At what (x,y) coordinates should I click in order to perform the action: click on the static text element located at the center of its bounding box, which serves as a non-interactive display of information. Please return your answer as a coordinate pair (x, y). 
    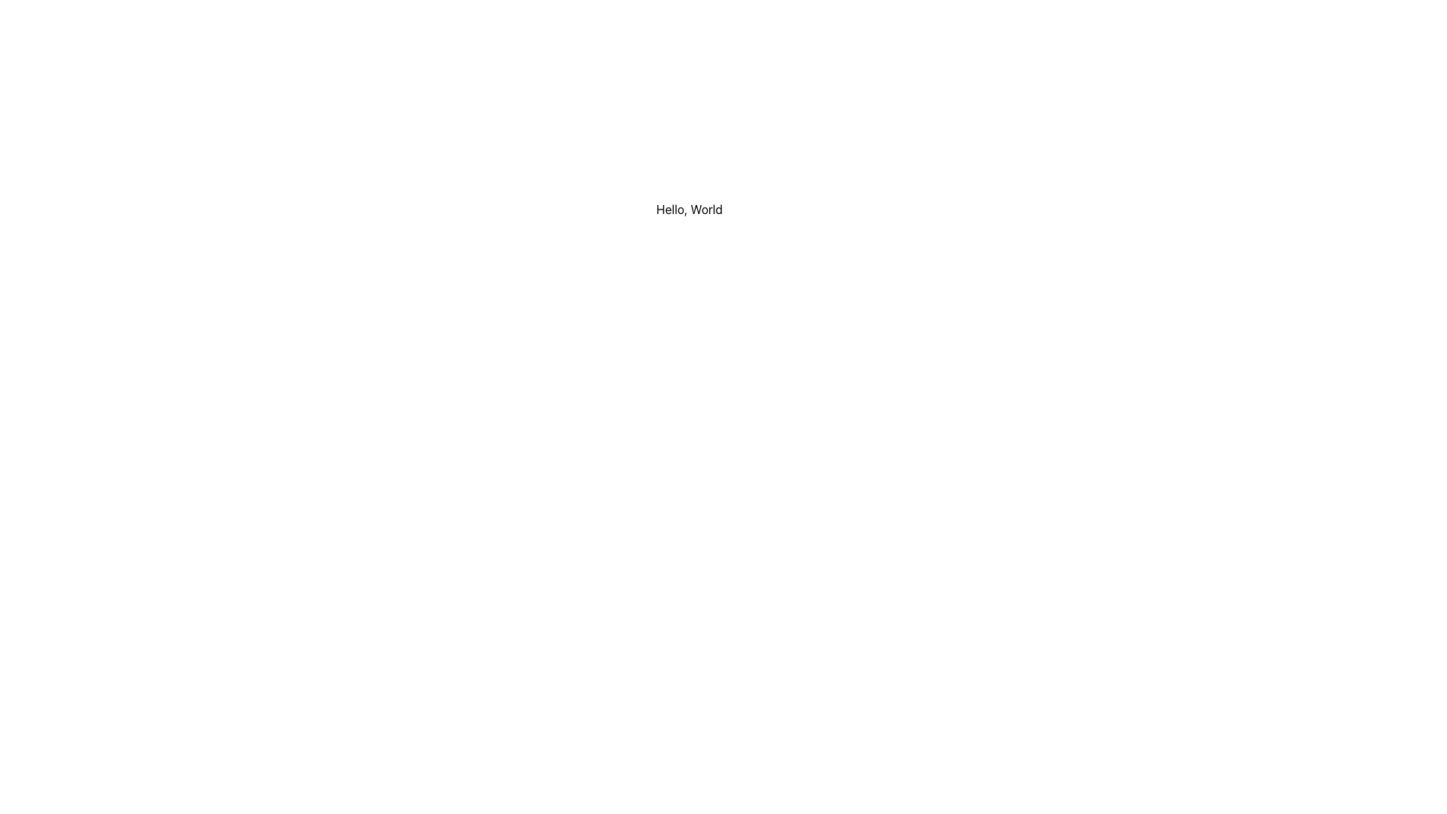
    Looking at the image, I should click on (689, 209).